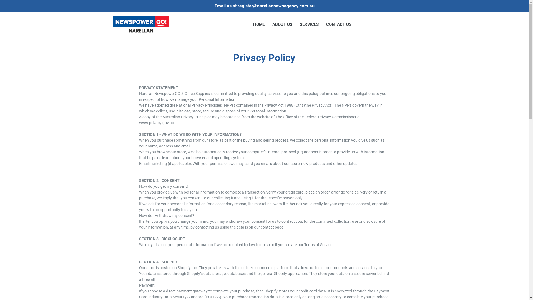 This screenshot has width=533, height=300. Describe the element at coordinates (338, 24) in the screenshot. I see `'CONTACT US'` at that location.